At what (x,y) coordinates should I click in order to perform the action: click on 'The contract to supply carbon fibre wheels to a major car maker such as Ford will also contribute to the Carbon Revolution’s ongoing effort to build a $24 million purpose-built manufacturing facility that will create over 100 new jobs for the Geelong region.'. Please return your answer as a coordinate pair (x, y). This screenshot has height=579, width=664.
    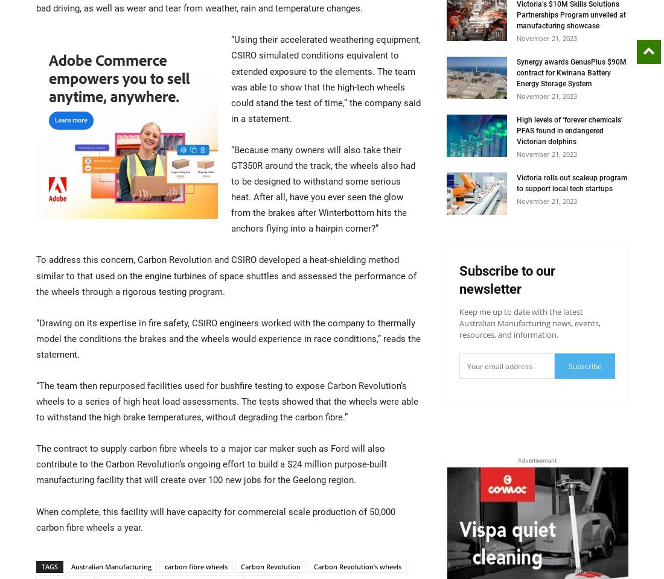
    Looking at the image, I should click on (35, 464).